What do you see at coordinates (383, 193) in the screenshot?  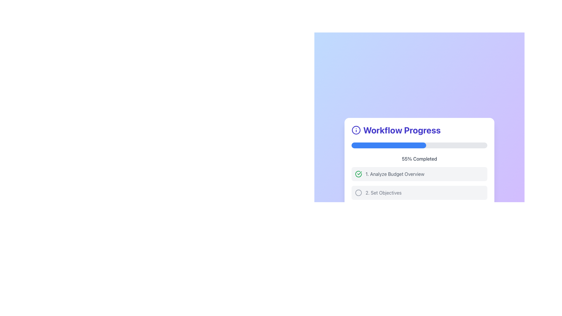 I see `the descriptive text label for the second step in the workflow, which is located below the '1. Analyze Budget Overview' label` at bounding box center [383, 193].